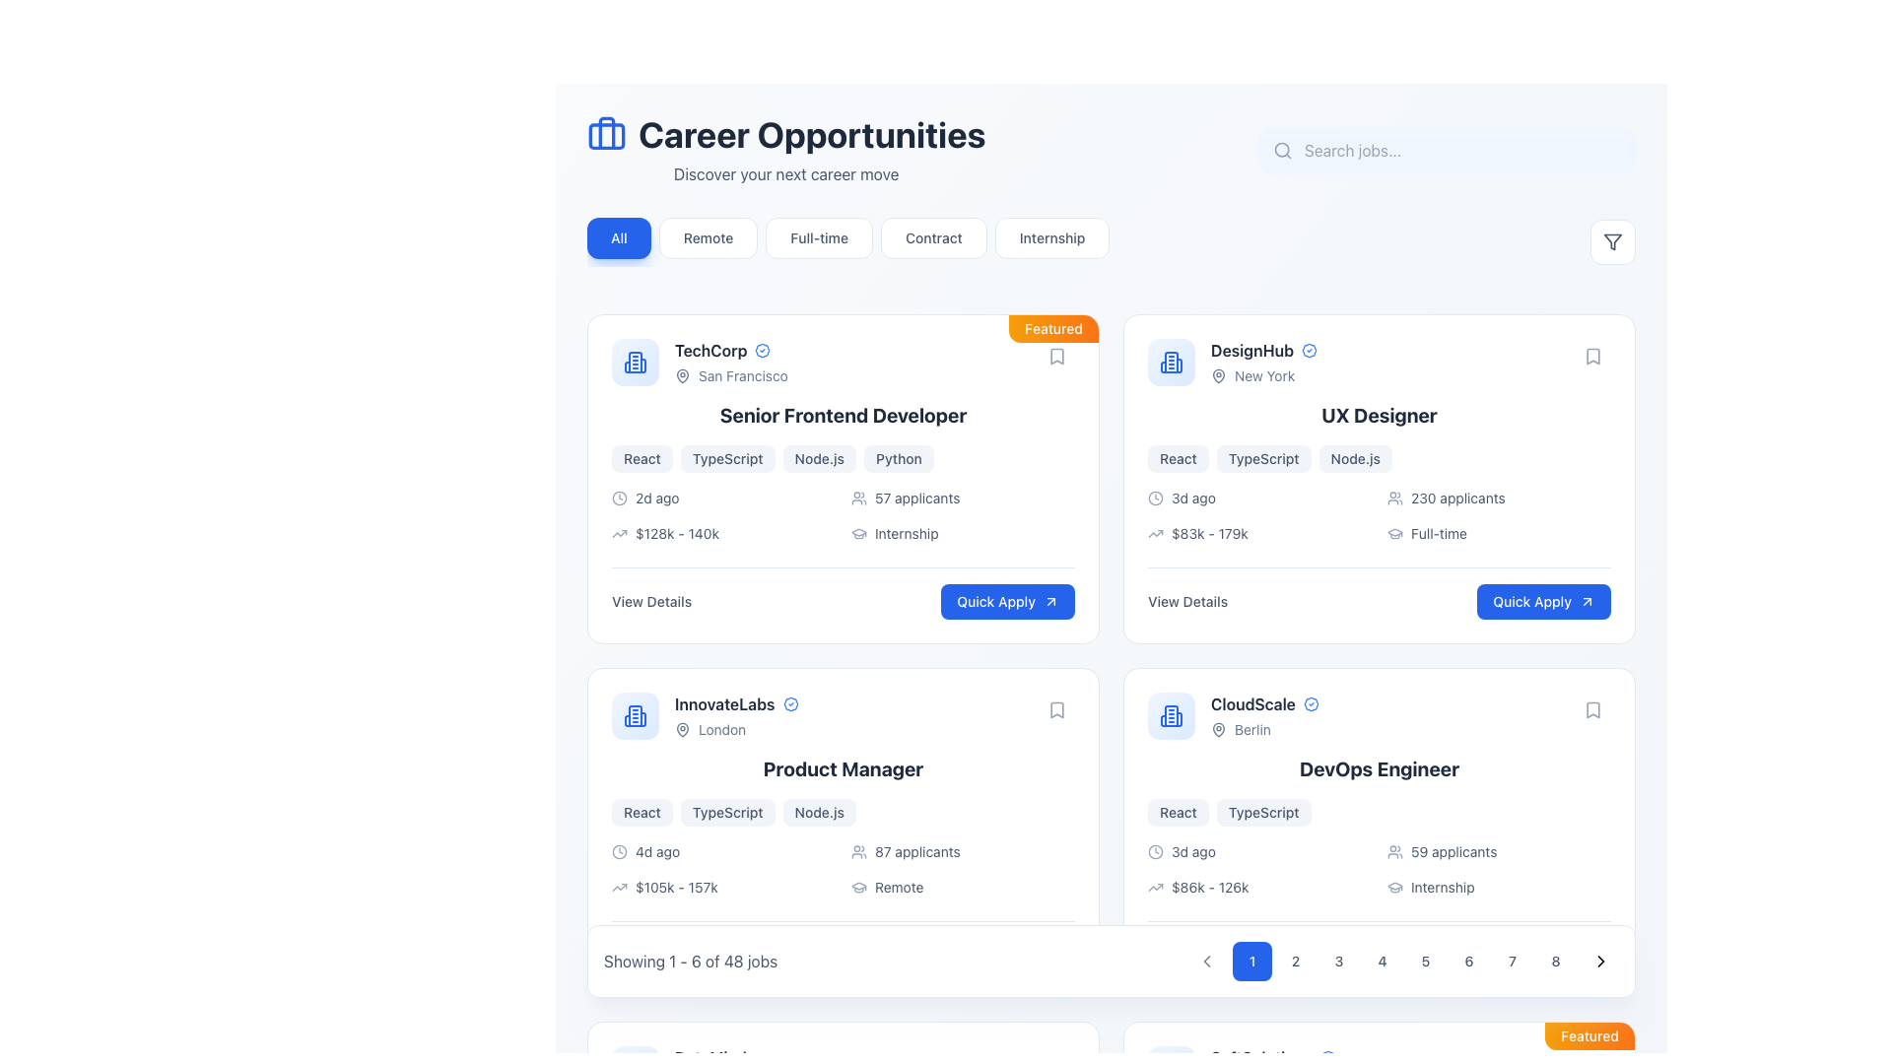  Describe the element at coordinates (1056, 710) in the screenshot. I see `the bookmark toggle SVG icon located in the top-right corner of the 'InnovateLabs' job posting card` at that location.